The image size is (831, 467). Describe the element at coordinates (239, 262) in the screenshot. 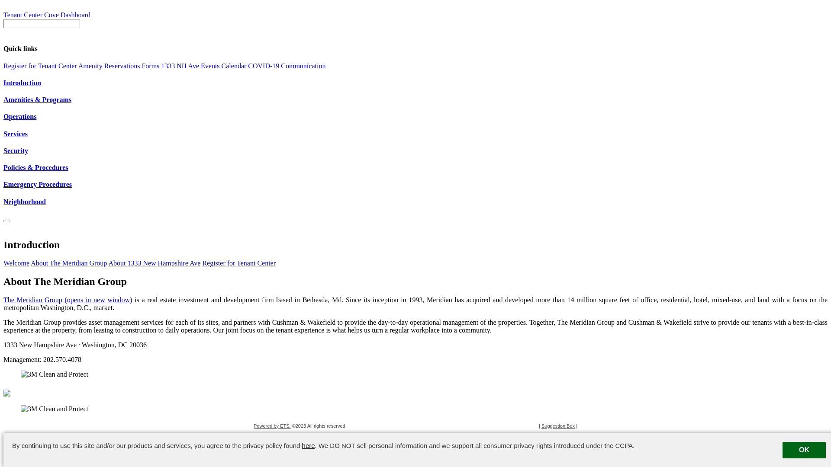

I see `'Register for Tenant Center'` at that location.